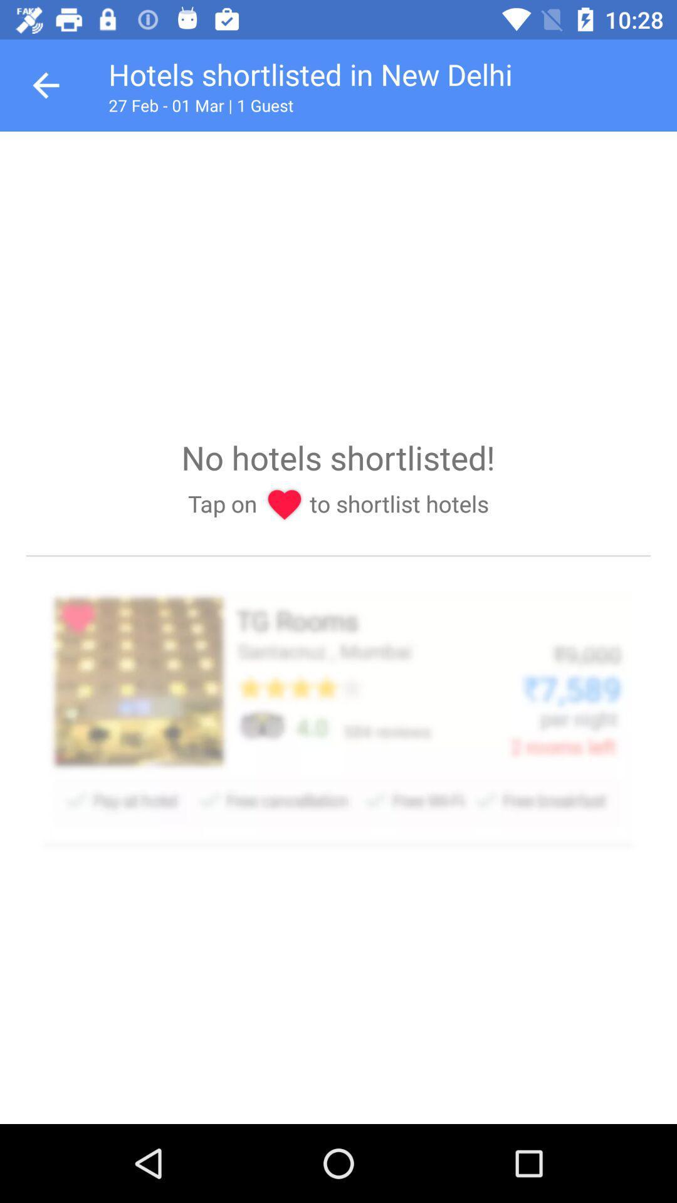 The width and height of the screenshot is (677, 1203). Describe the element at coordinates (45, 85) in the screenshot. I see `go back` at that location.